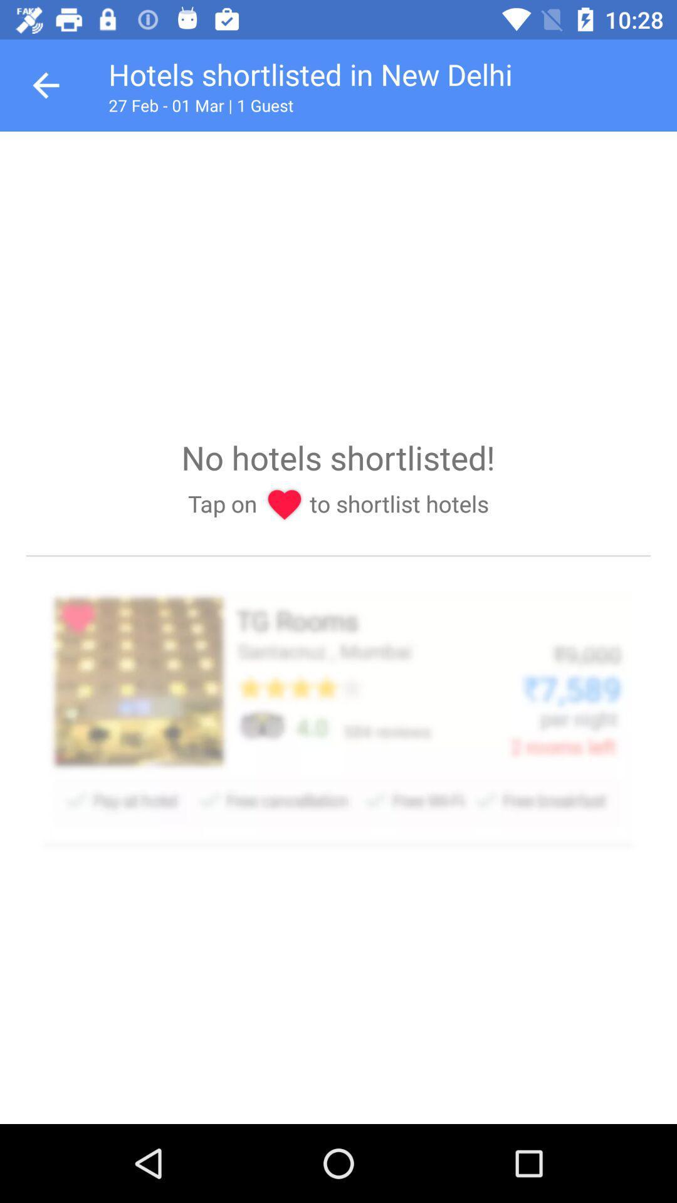 The width and height of the screenshot is (677, 1203). Describe the element at coordinates (45, 85) in the screenshot. I see `go back` at that location.